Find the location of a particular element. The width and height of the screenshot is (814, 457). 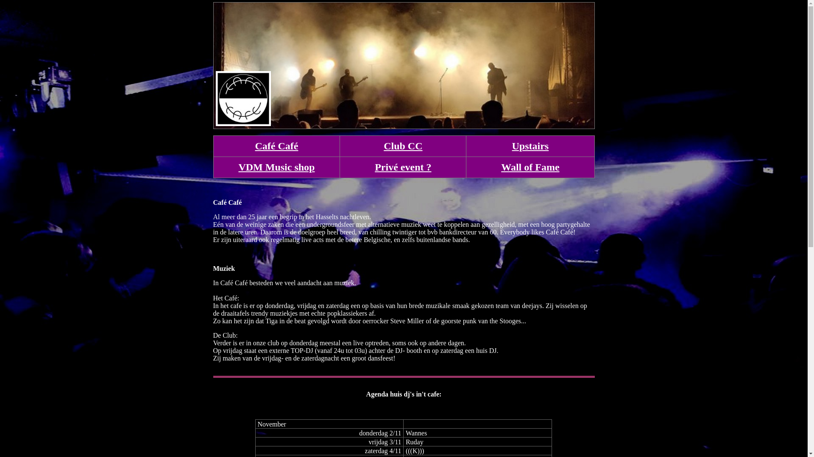

'VDM Music shop' is located at coordinates (237, 167).